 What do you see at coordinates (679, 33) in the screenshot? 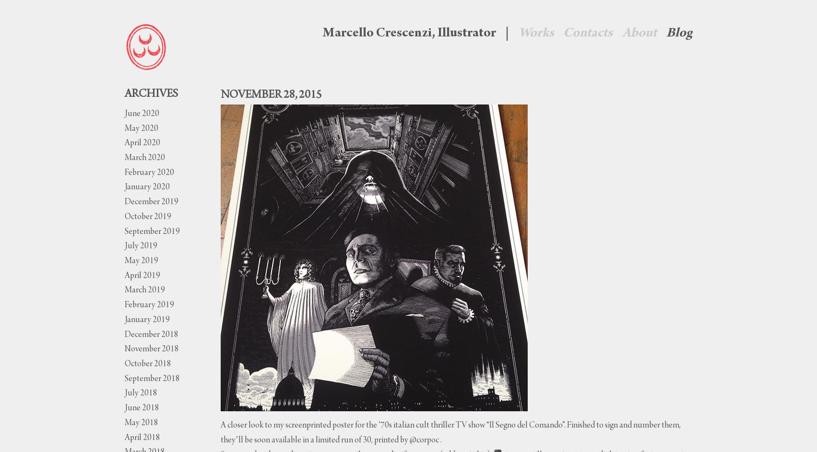
I see `'Blog'` at bounding box center [679, 33].